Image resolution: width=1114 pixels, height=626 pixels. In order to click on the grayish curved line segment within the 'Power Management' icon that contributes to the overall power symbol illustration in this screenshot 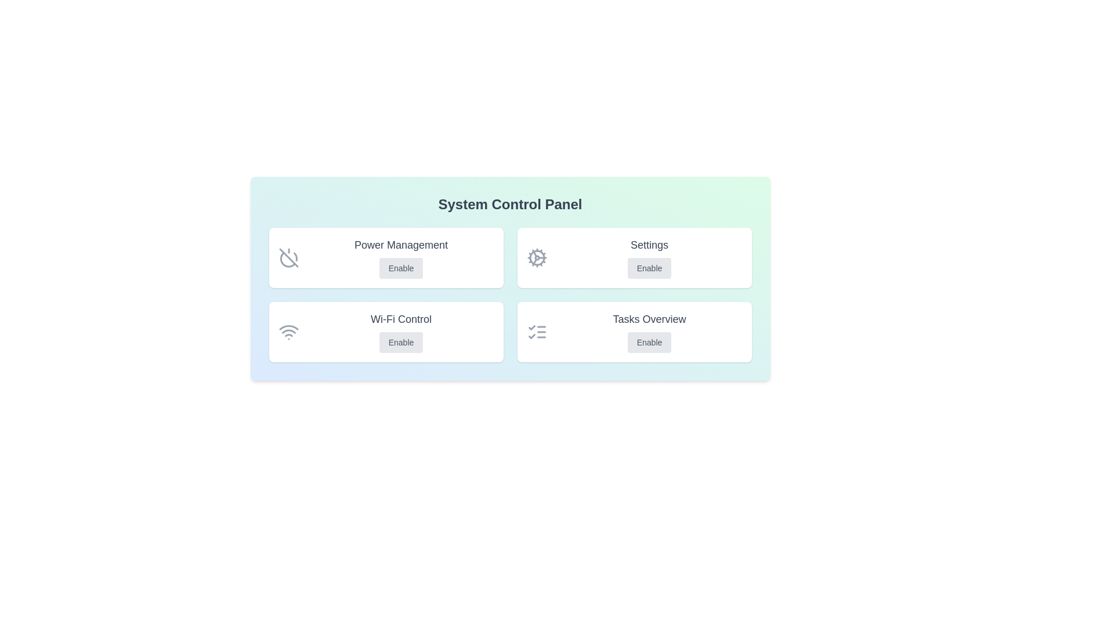, I will do `click(295, 256)`.